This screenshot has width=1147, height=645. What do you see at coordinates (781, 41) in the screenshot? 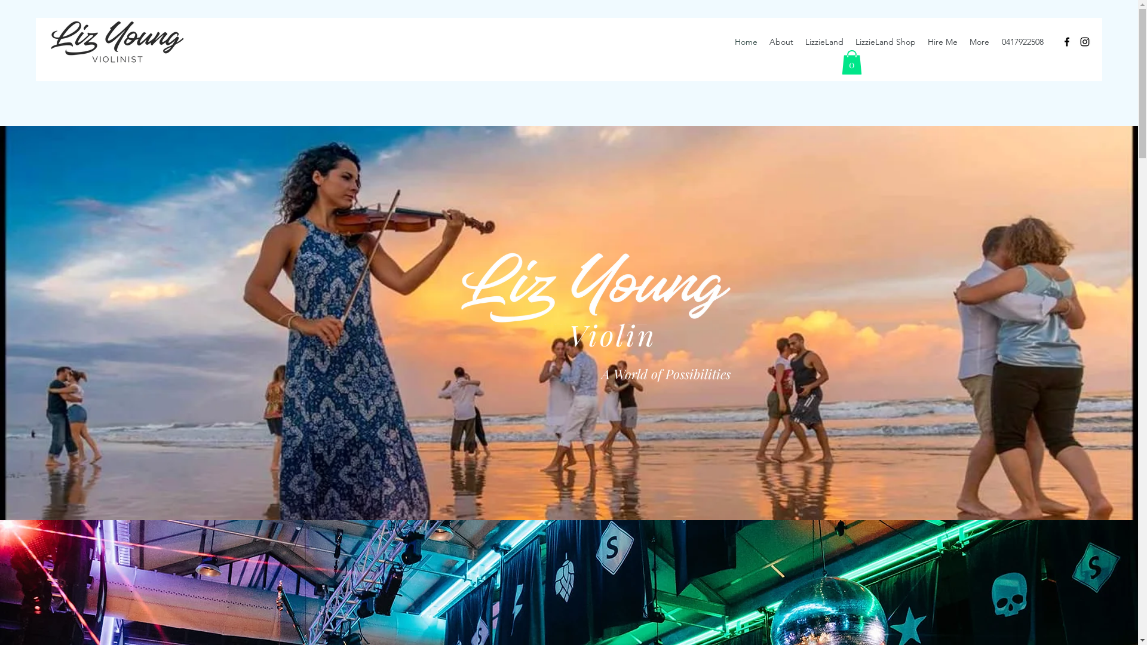
I see `'About'` at bounding box center [781, 41].